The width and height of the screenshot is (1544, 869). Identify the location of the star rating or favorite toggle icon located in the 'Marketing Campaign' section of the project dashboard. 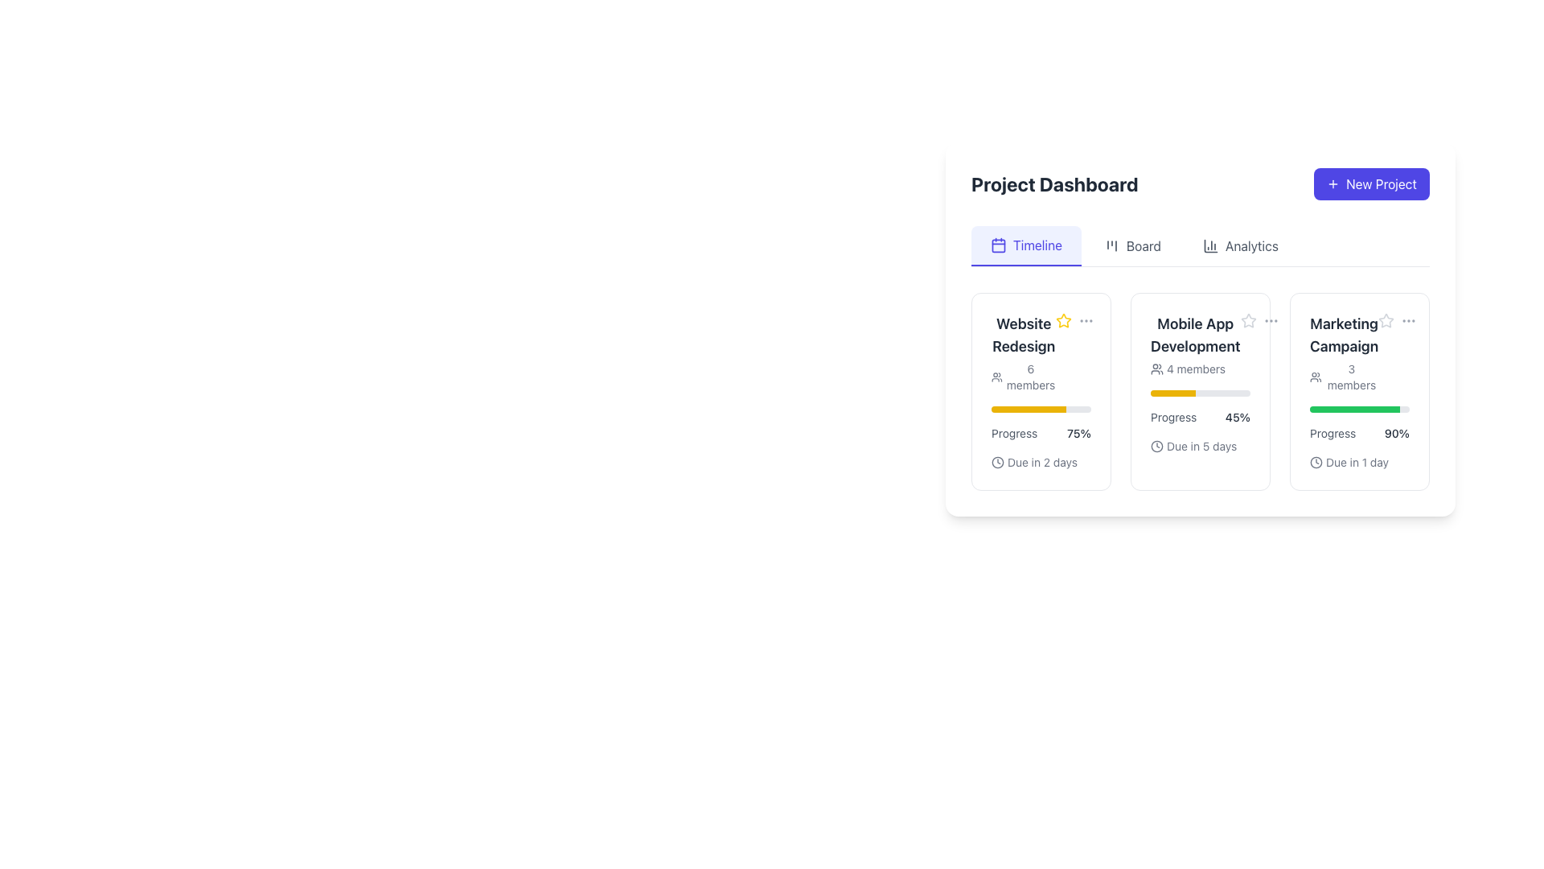
(1385, 319).